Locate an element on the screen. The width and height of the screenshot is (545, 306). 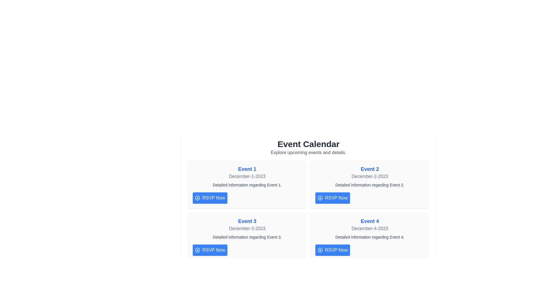
the RSVP button by clicking on the SVG circle graphic icon located at the center of the button labeled 'RSVP Now' in the top-left event card is located at coordinates (198, 197).